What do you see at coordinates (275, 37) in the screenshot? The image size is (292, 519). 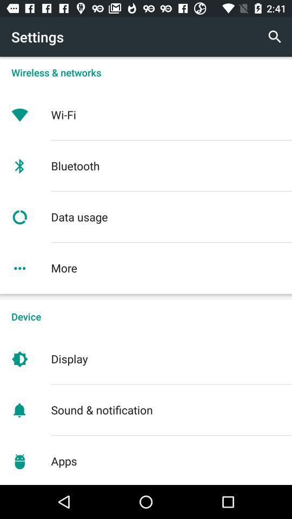 I see `the icon next to the settings app` at bounding box center [275, 37].